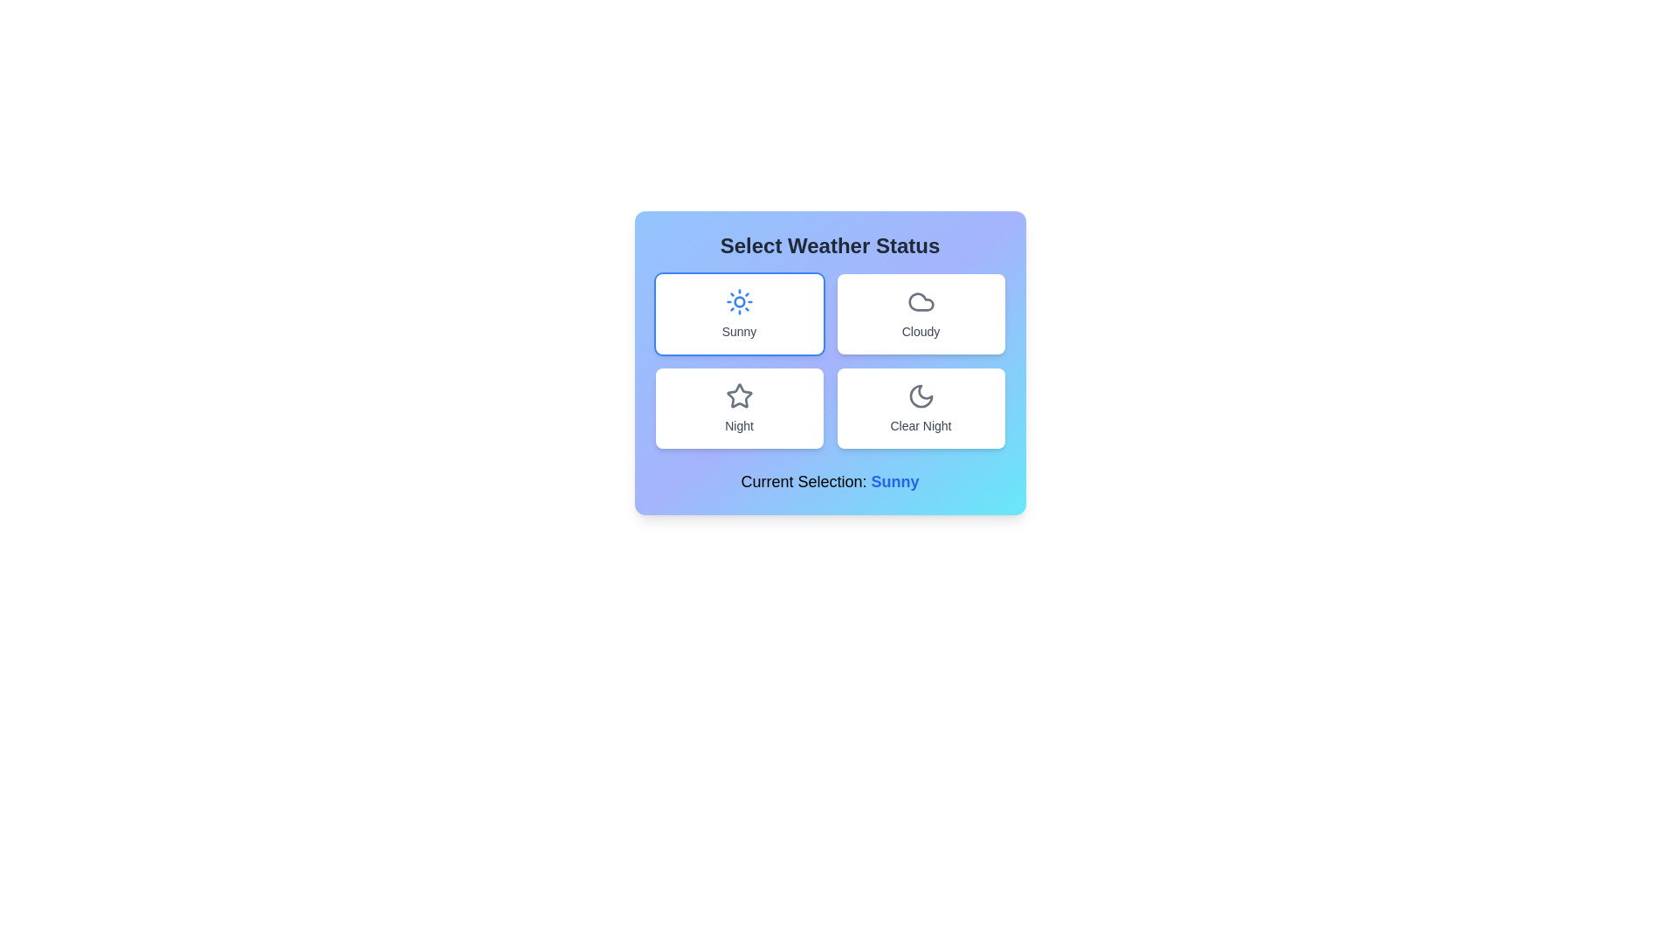 Image resolution: width=1677 pixels, height=943 pixels. What do you see at coordinates (920, 408) in the screenshot?
I see `the bottom-right button in the 2x2 grid layout` at bounding box center [920, 408].